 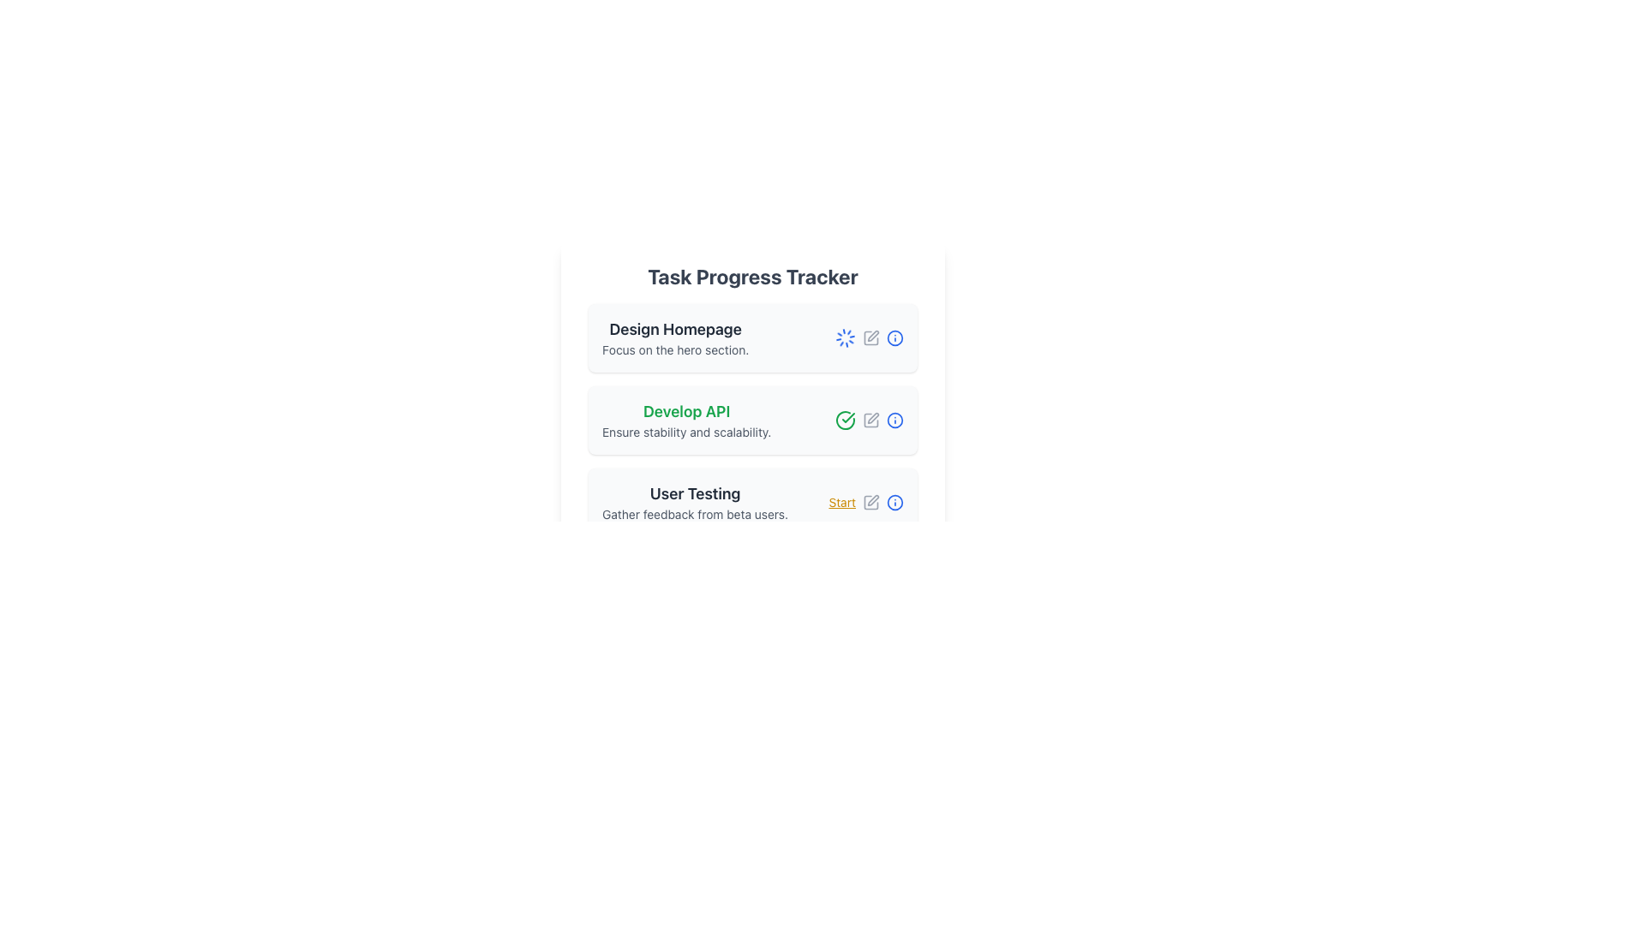 What do you see at coordinates (695, 514) in the screenshot?
I see `the text label that says 'Gather feedback from beta users.' which is located below the title 'User Testing.'` at bounding box center [695, 514].